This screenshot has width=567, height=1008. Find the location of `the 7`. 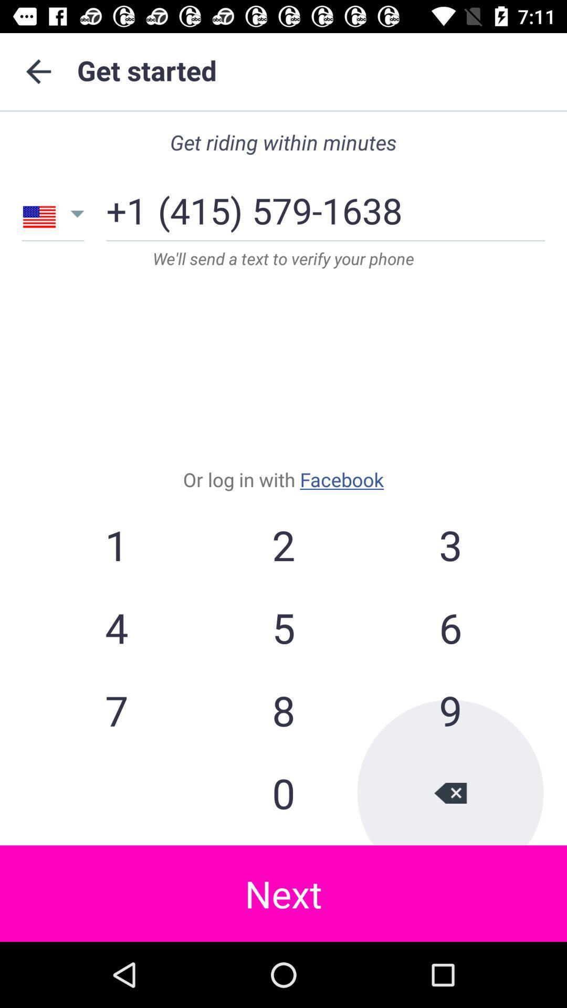

the 7 is located at coordinates (117, 710).